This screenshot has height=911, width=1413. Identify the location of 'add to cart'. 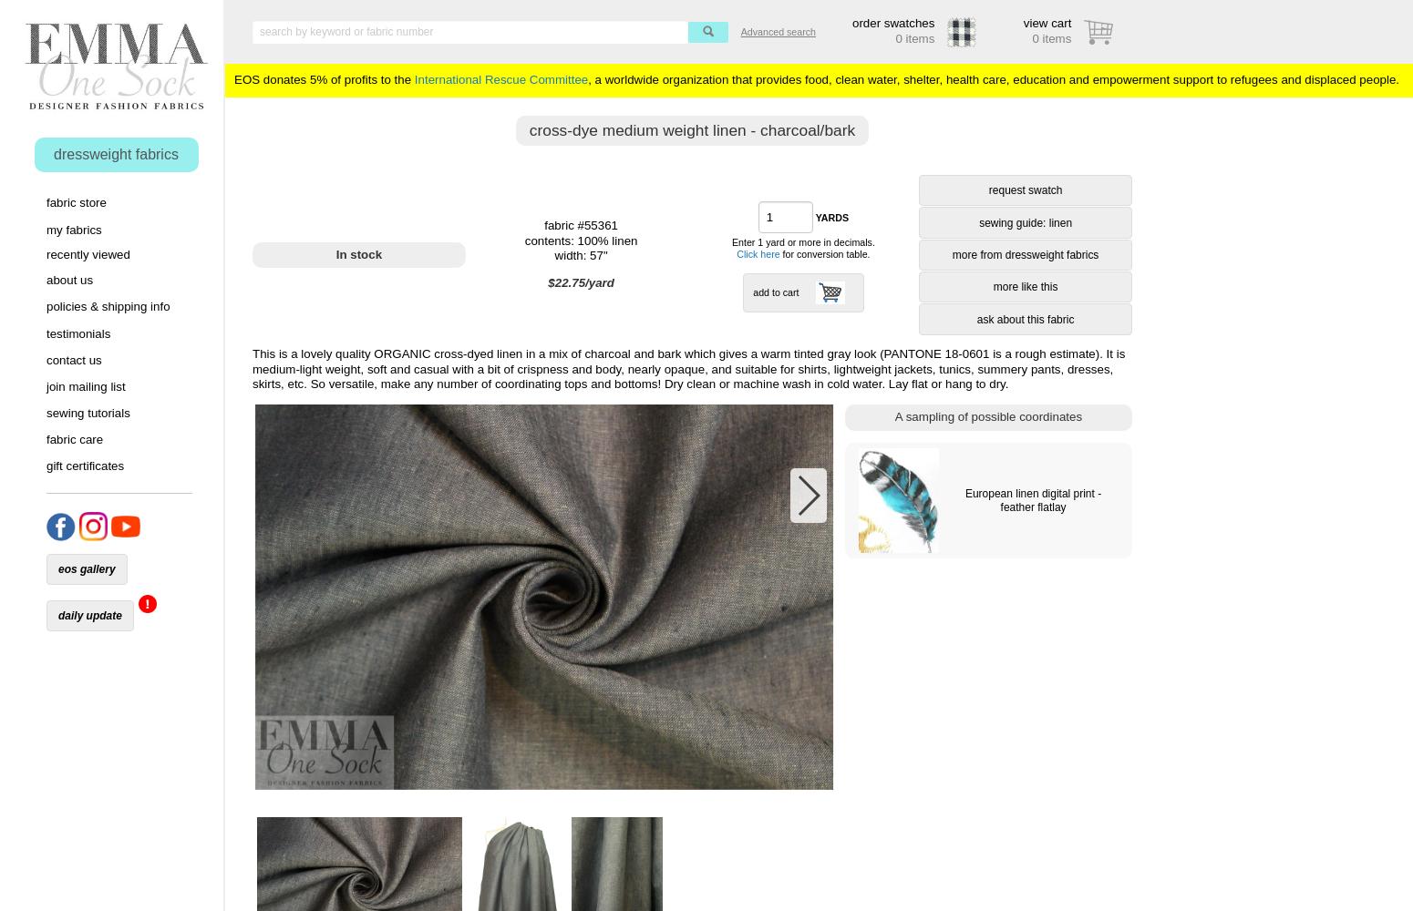
(774, 292).